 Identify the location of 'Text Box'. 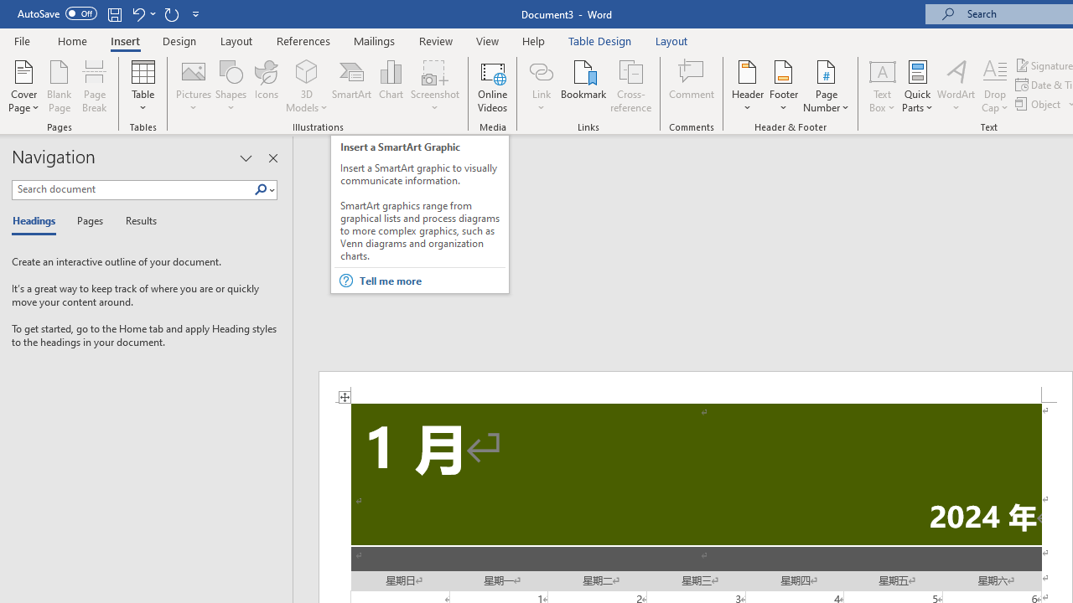
(881, 86).